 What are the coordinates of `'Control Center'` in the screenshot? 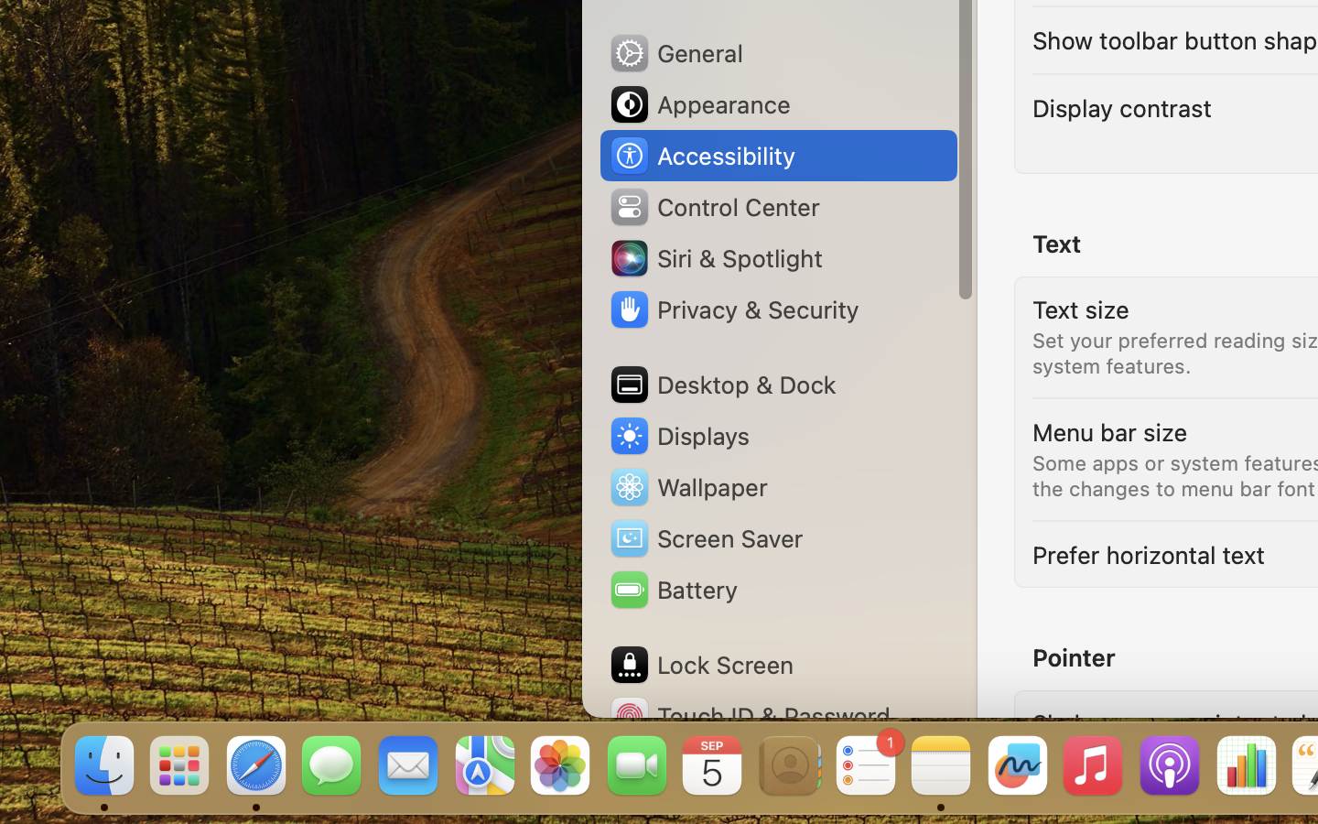 It's located at (713, 206).